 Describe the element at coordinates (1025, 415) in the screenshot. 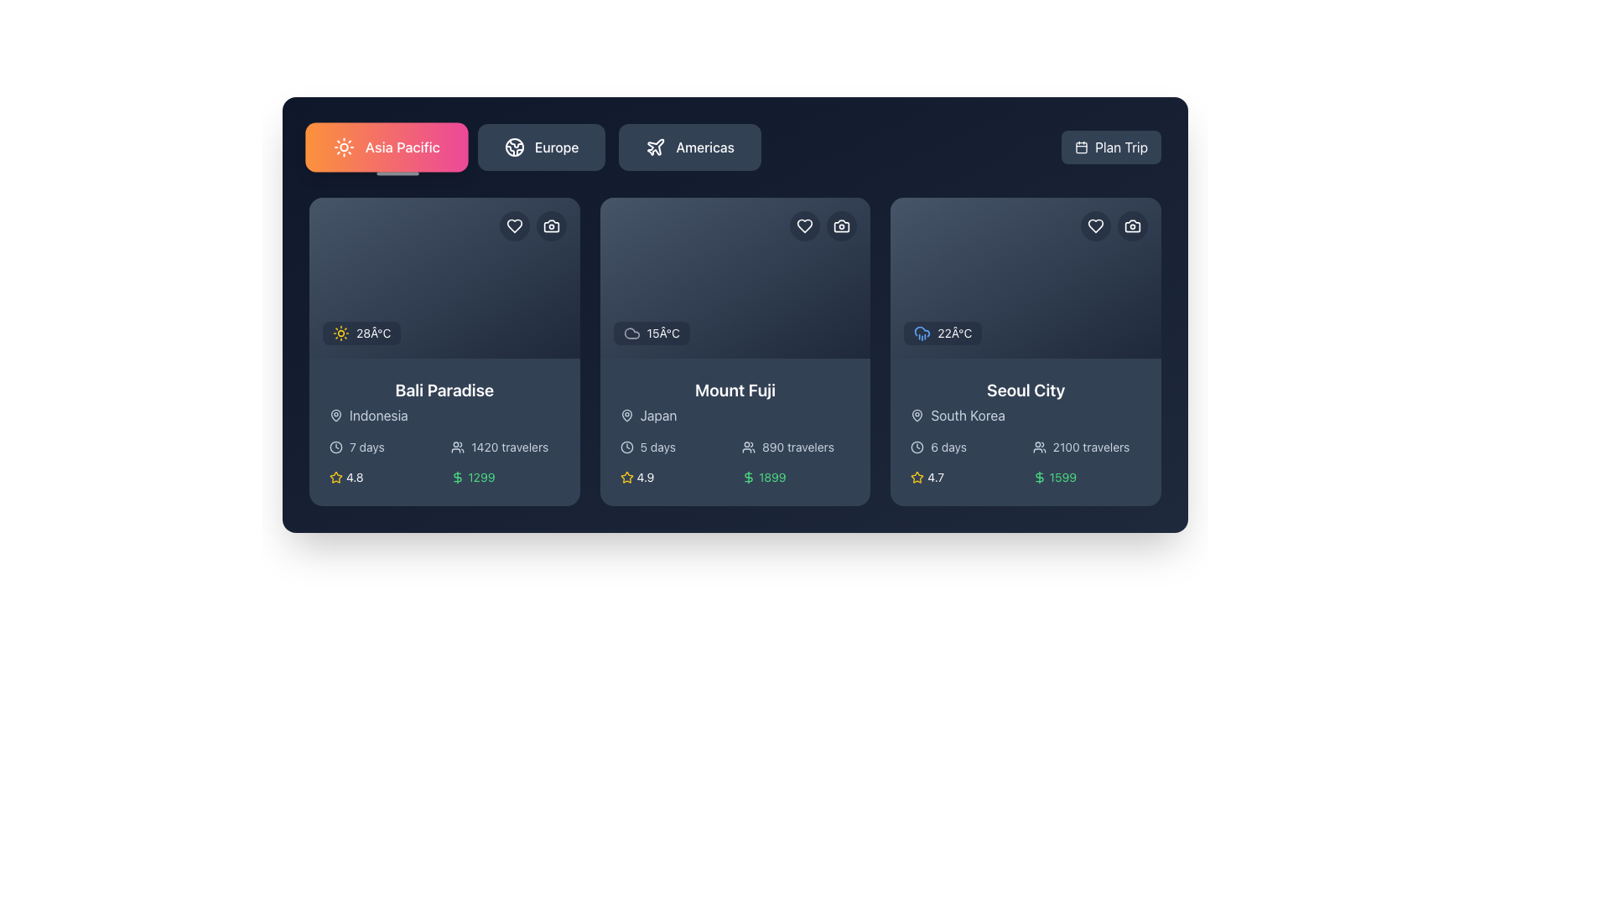

I see `the informational text label indicating the country for the city 'Seoul', located below the city name 'Seoul City' in the card of the third column under 'Asia Pacific'` at that location.